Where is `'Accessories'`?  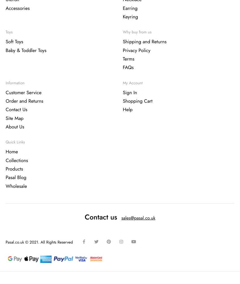 'Accessories' is located at coordinates (18, 8).